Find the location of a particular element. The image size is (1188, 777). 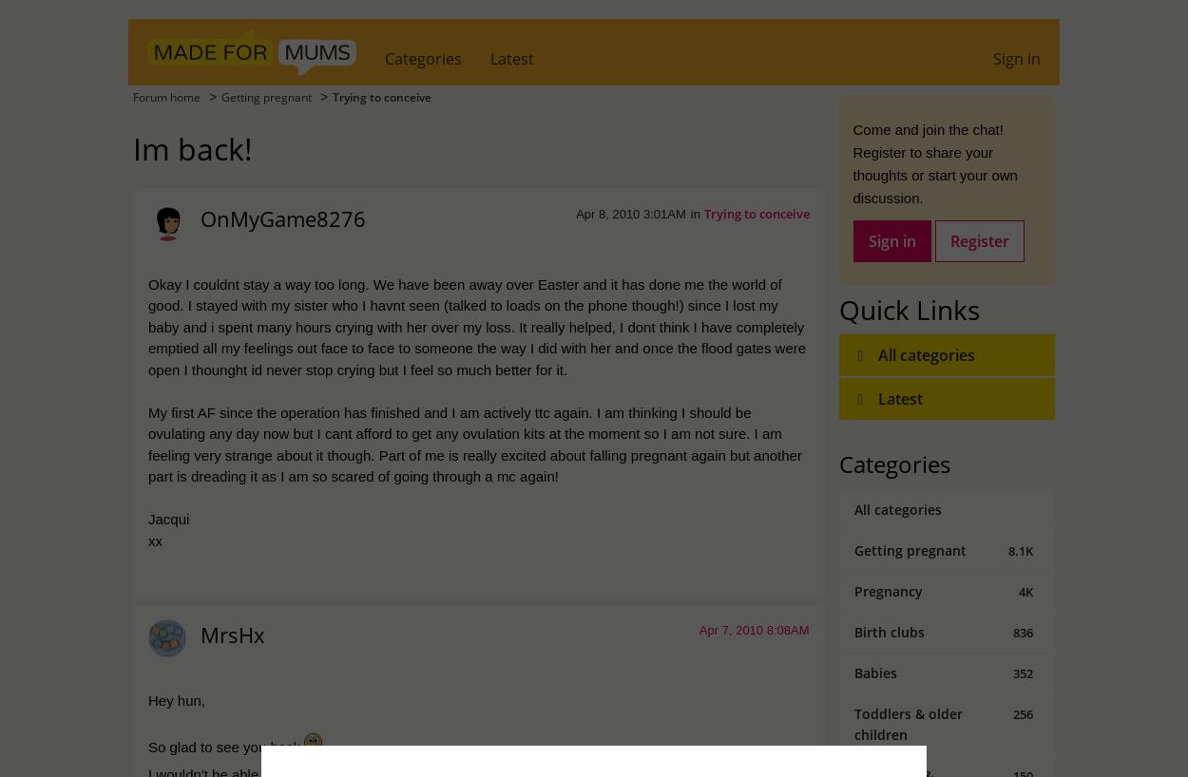

'Im back!' is located at coordinates (133, 146).